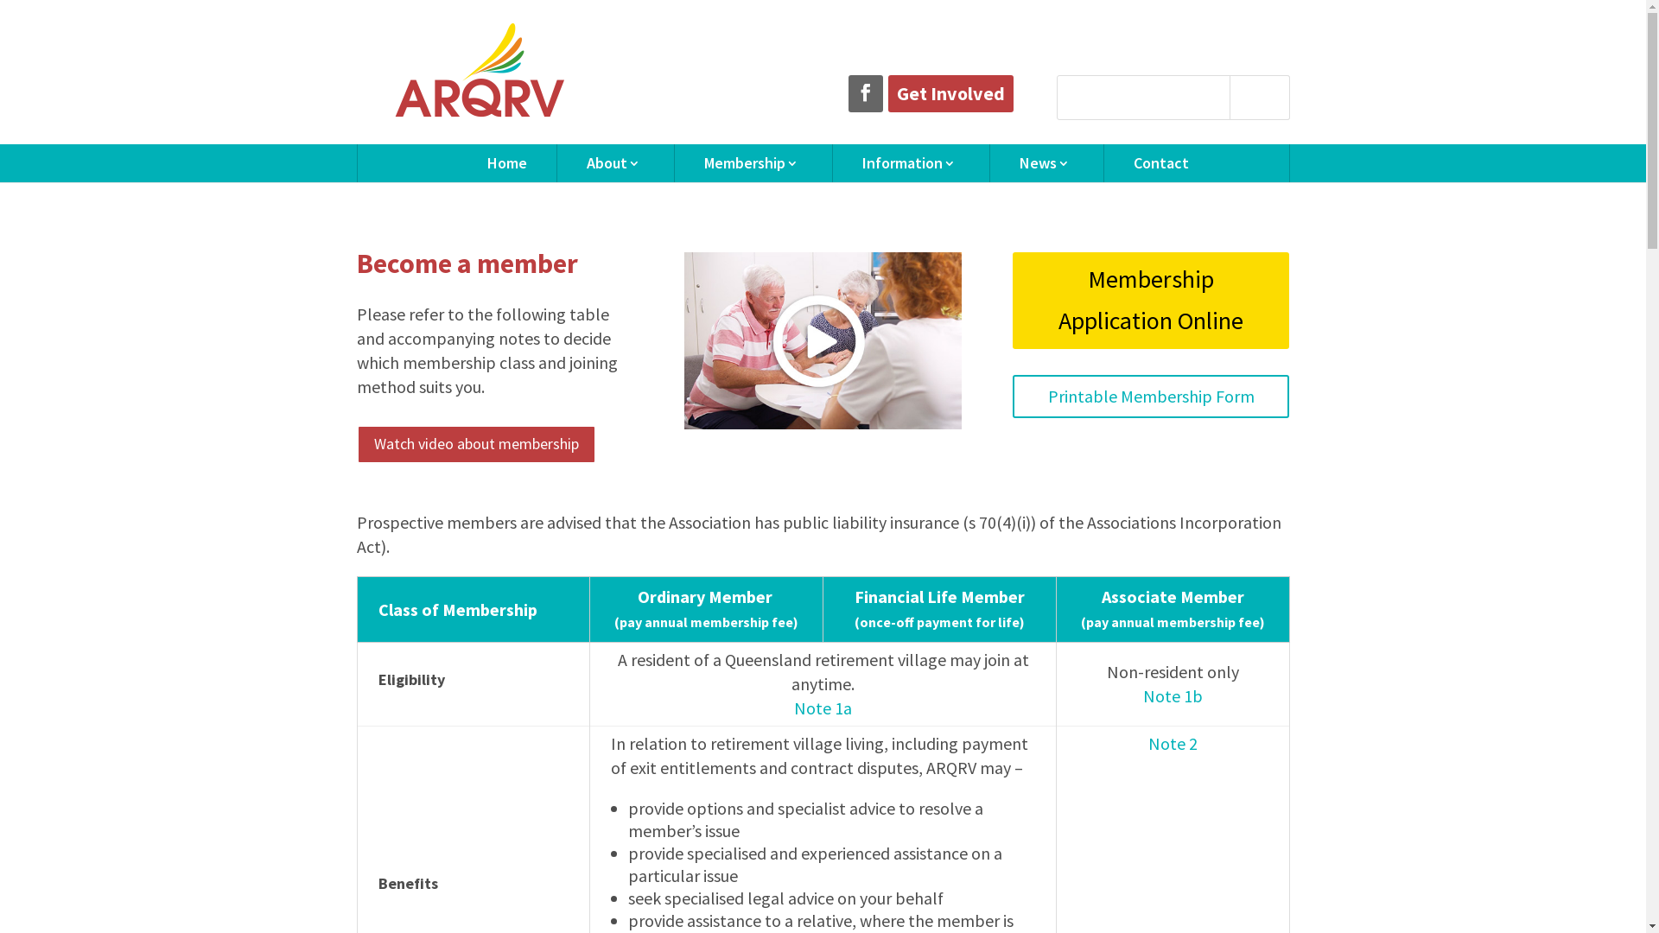 Image resolution: width=1659 pixels, height=933 pixels. I want to click on 'Home', so click(505, 163).